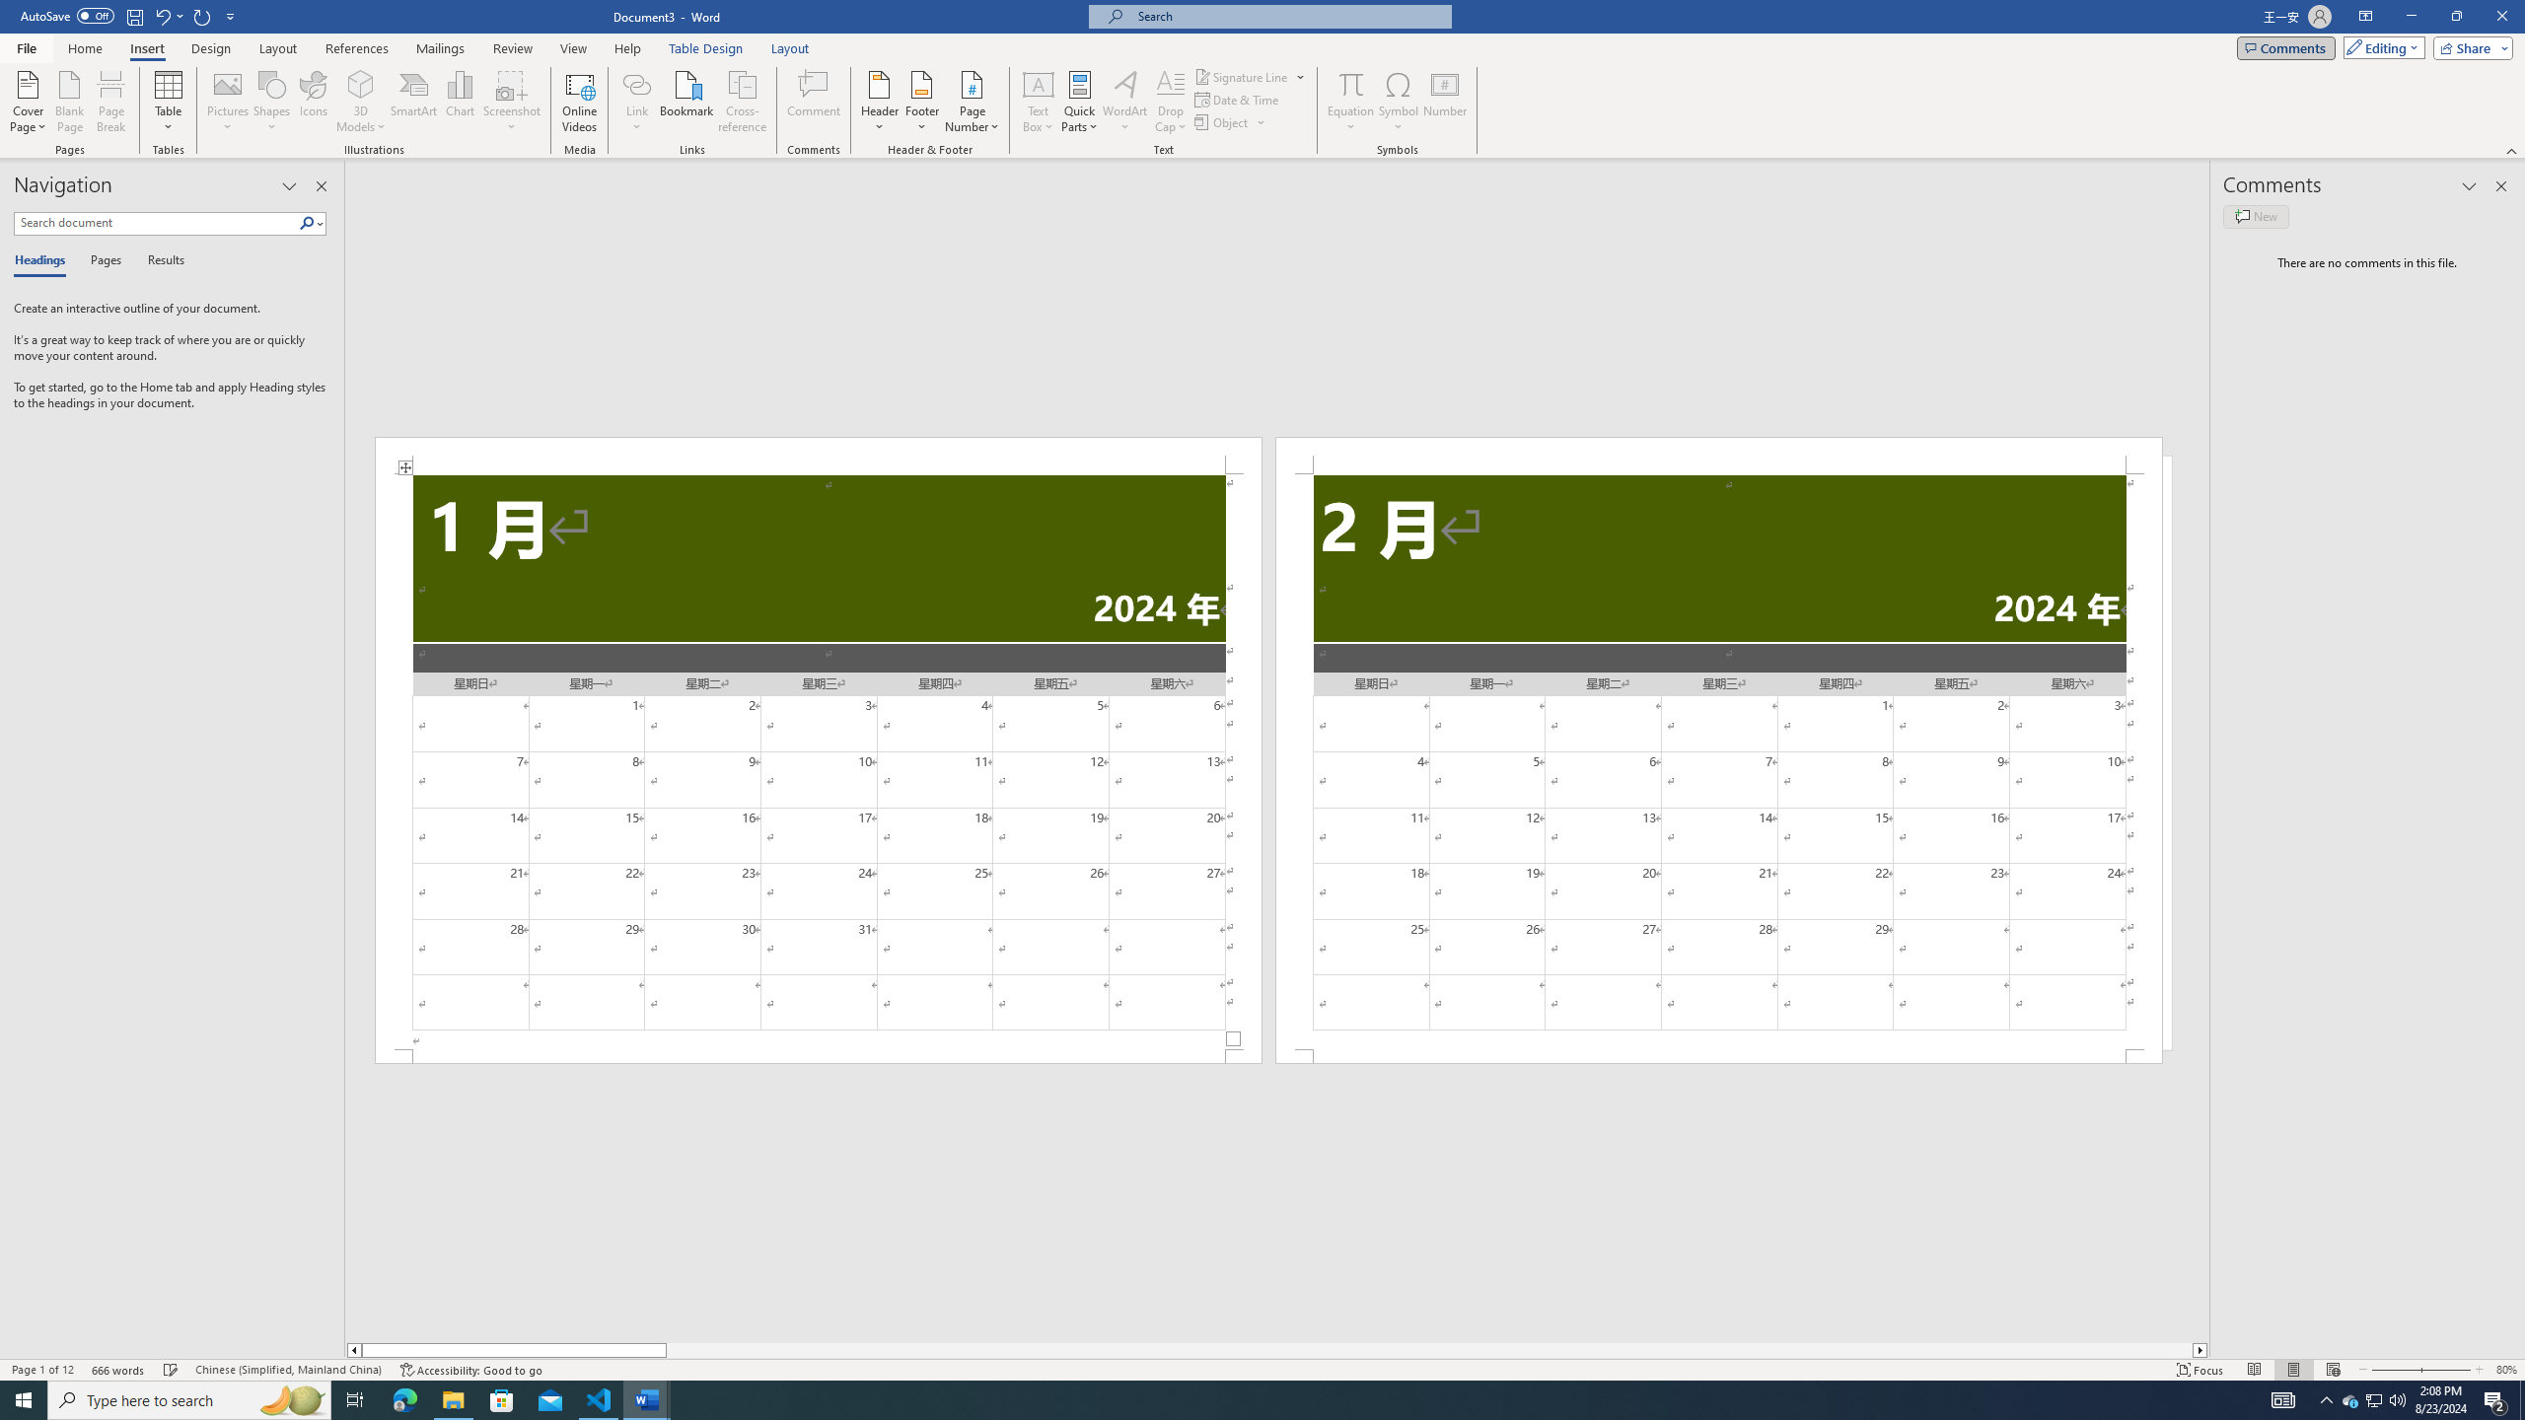 This screenshot has height=1420, width=2525. I want to click on 'Link', so click(636, 83).